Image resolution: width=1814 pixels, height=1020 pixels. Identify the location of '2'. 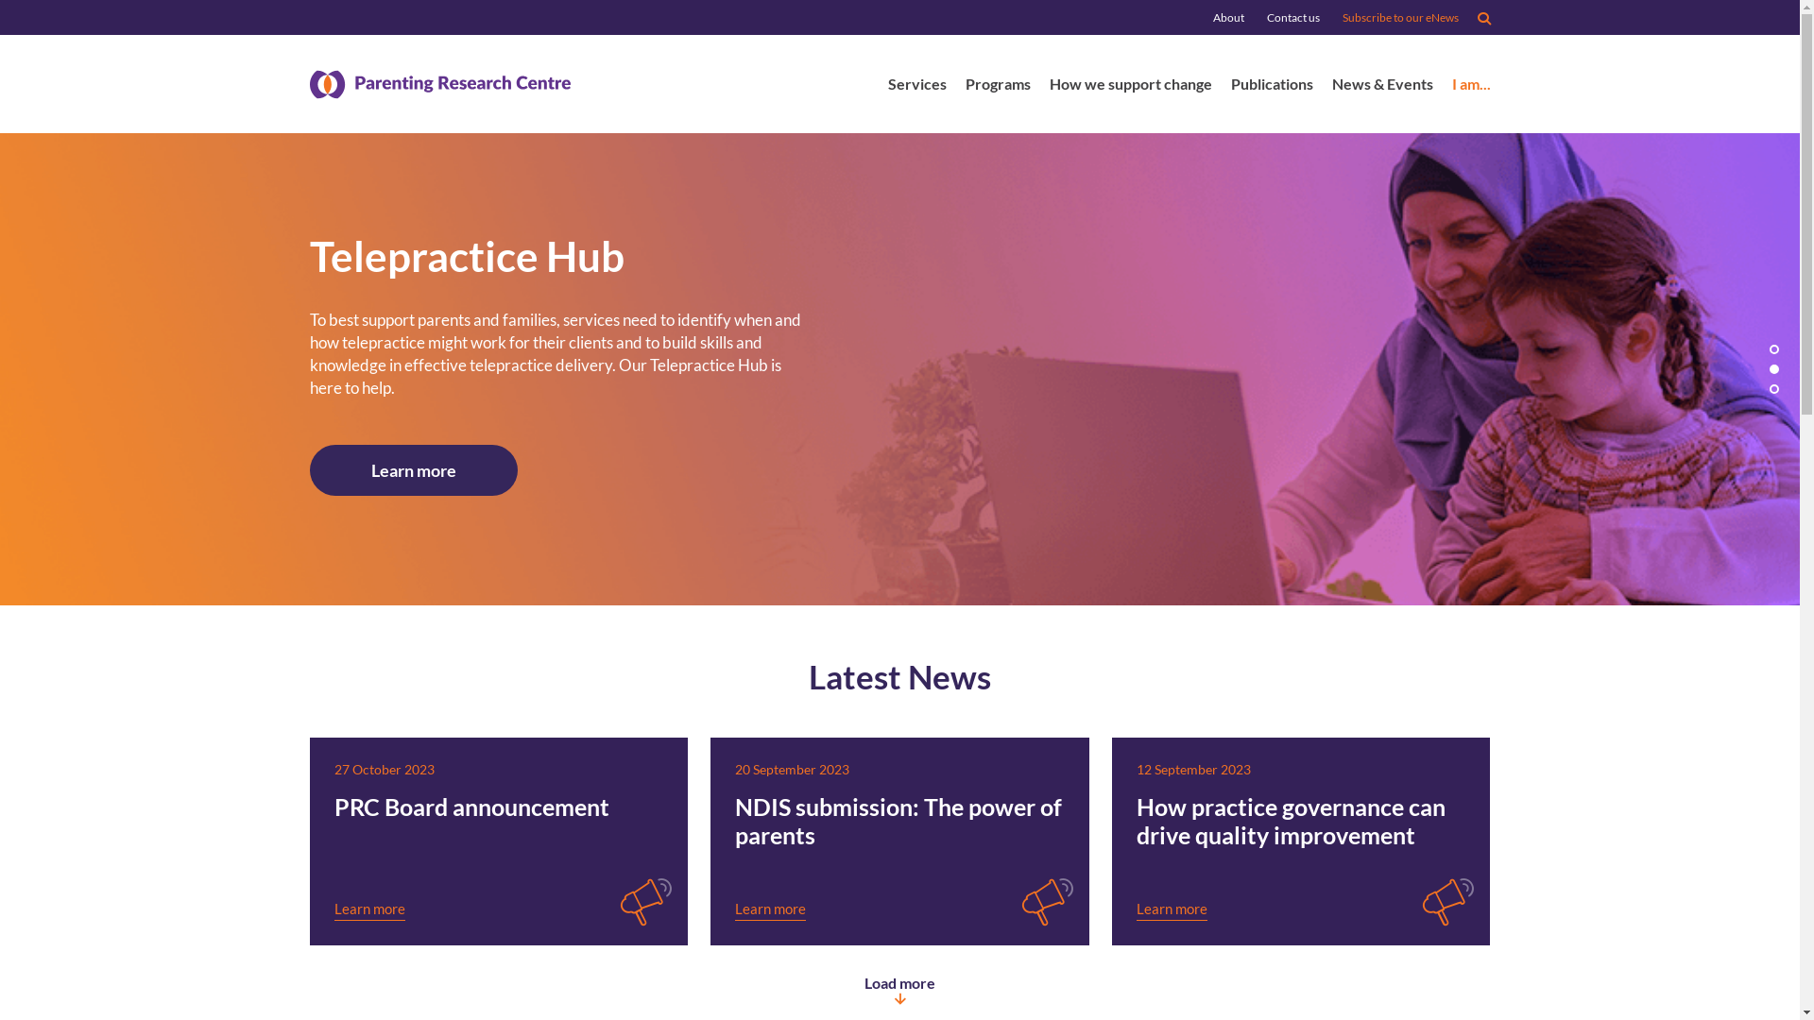
(1772, 368).